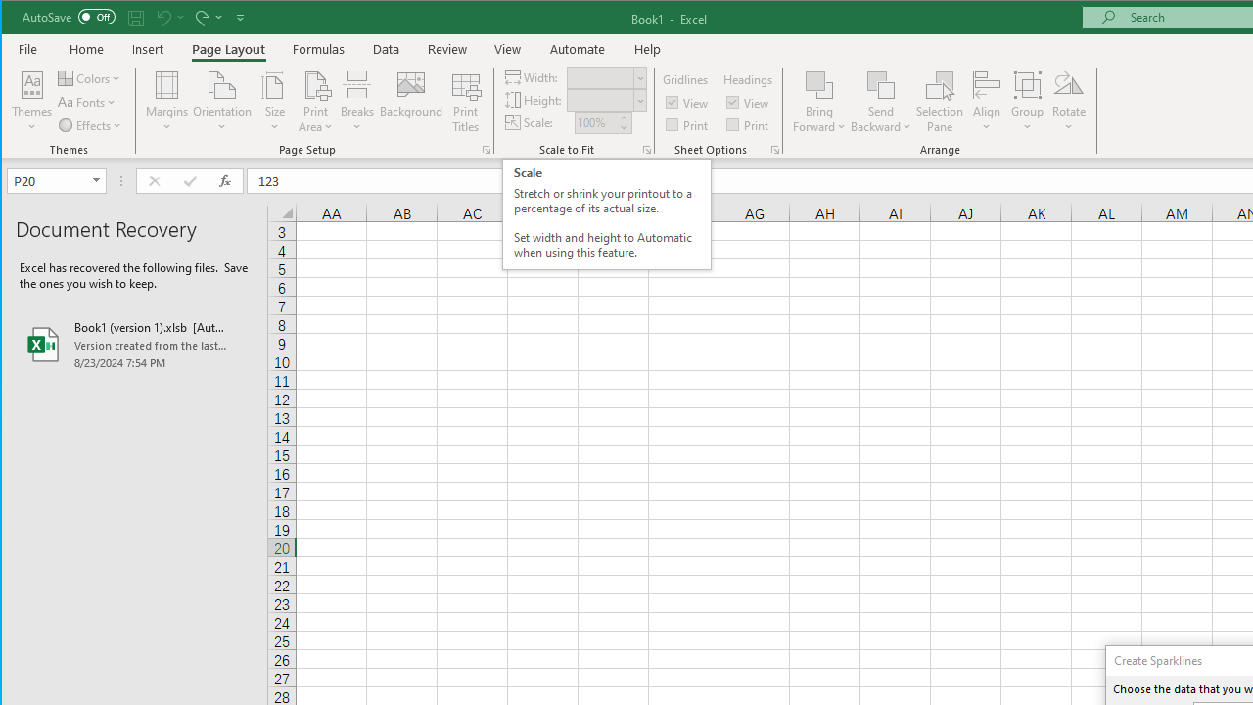  Describe the element at coordinates (319, 48) in the screenshot. I see `'Formulas'` at that location.